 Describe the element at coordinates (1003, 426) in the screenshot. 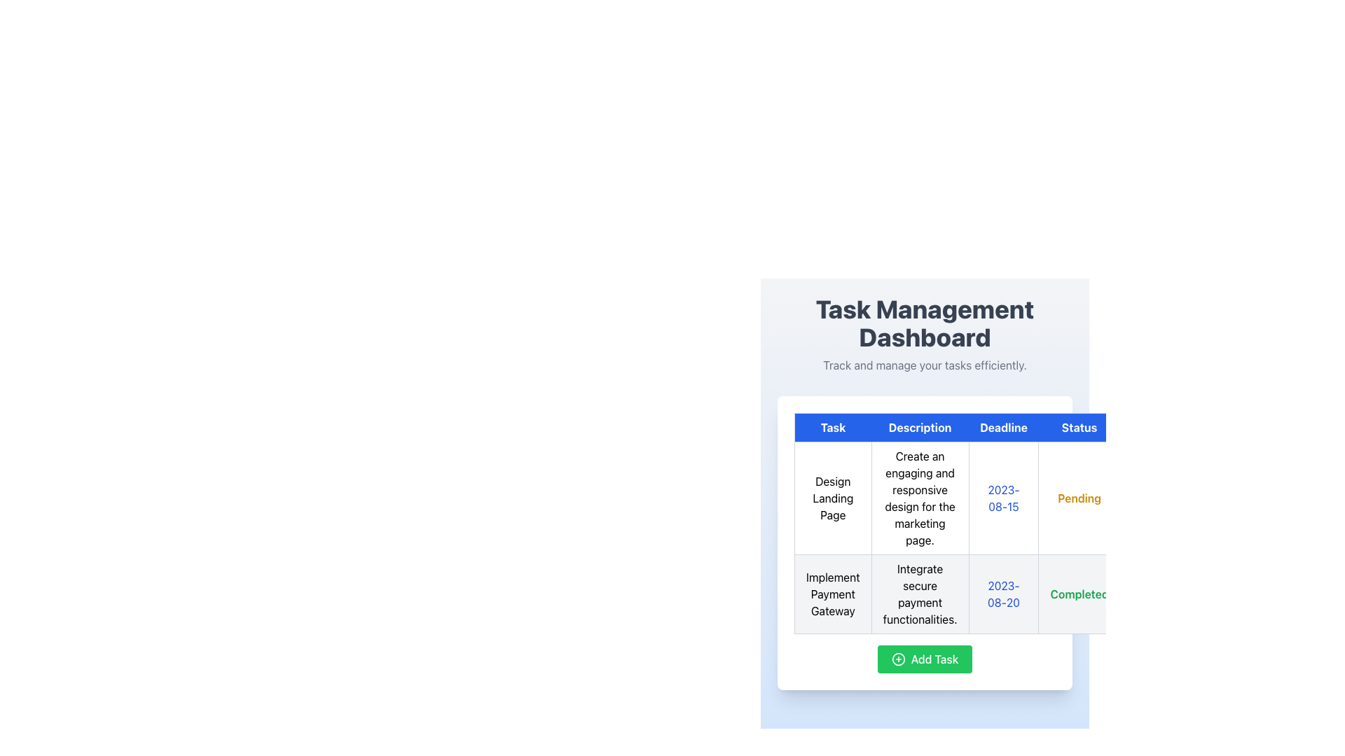

I see `text label 'Deadline' from the blue rectangular button located in the third column of the table header` at that location.